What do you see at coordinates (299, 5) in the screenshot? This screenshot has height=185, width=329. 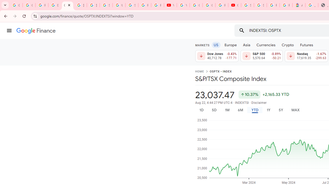 I see `'Atour Hotel - Google hotels'` at bounding box center [299, 5].